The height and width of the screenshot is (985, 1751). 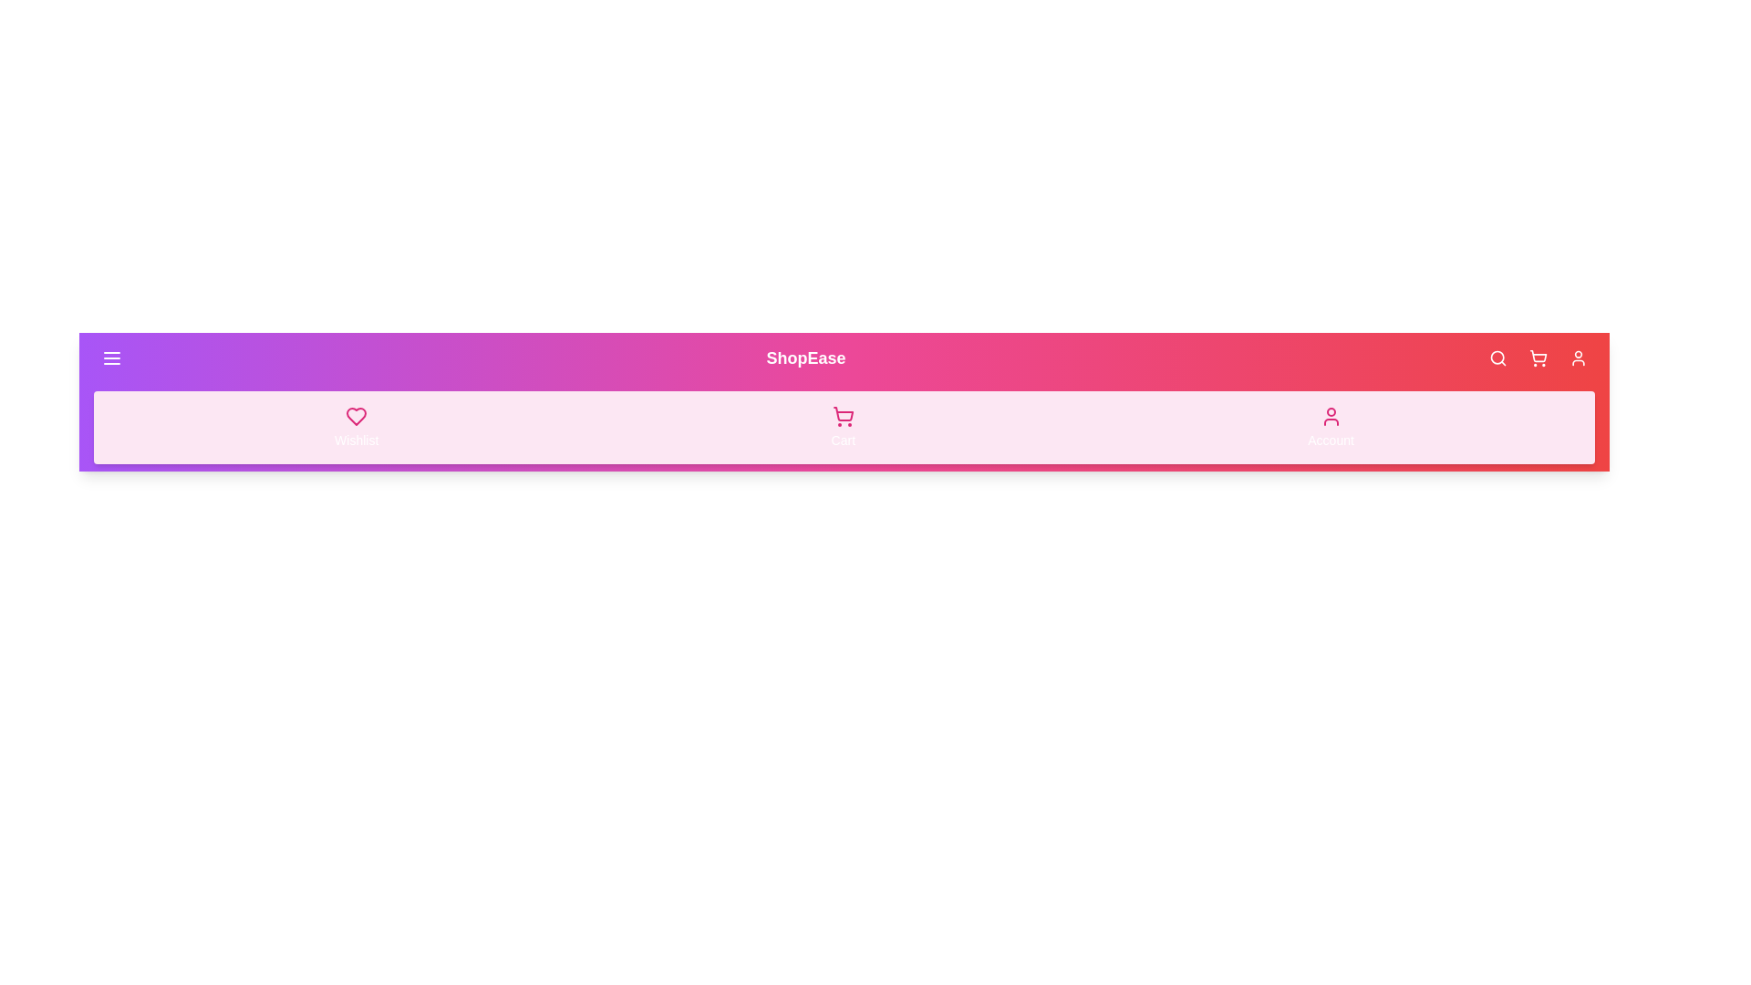 What do you see at coordinates (1497, 358) in the screenshot?
I see `the search button in the app bar` at bounding box center [1497, 358].